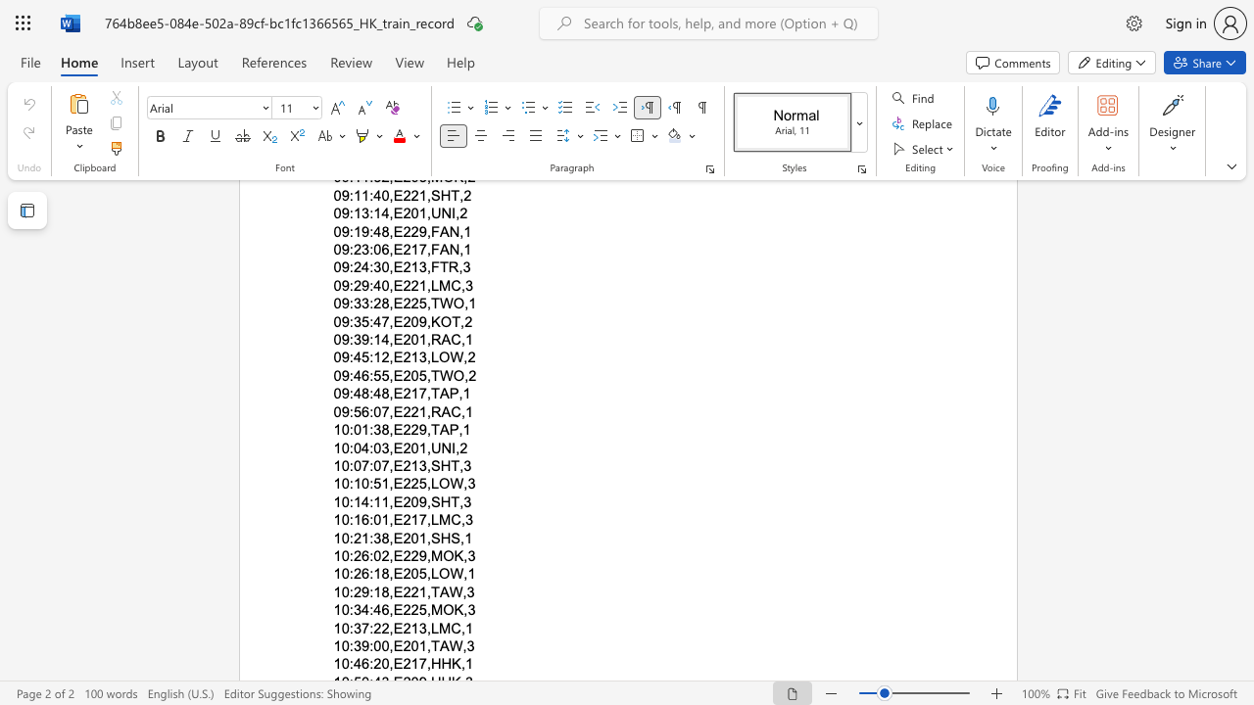 The height and width of the screenshot is (705, 1254). I want to click on the space between the continuous character "0" and "3" in the text, so click(381, 447).